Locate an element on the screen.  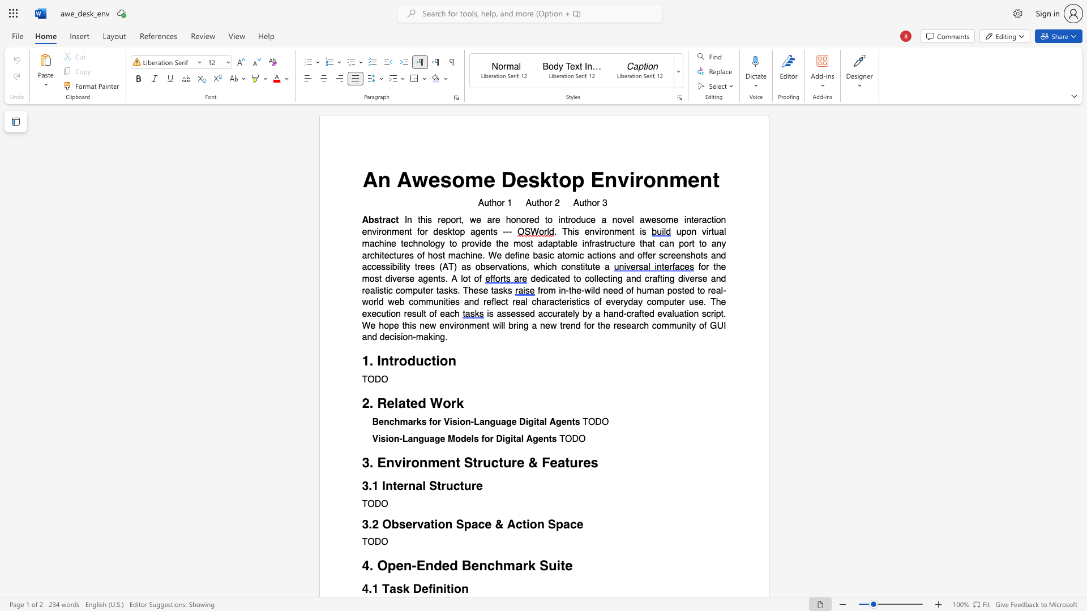
the 6th character "s" in the text is located at coordinates (500, 290).